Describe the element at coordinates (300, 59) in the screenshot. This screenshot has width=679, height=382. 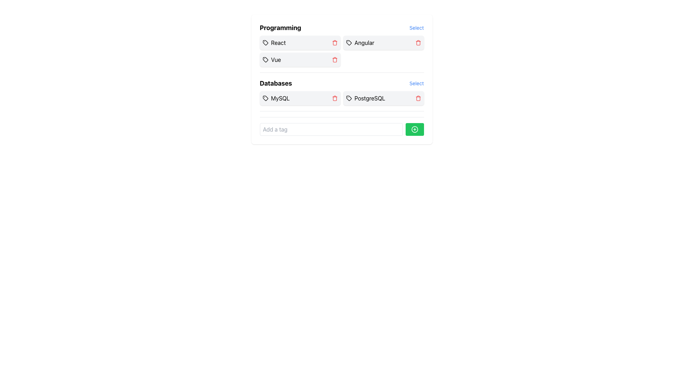
I see `the Interactive Tag Element labeled 'Vue' in the 'Programming' category` at that location.